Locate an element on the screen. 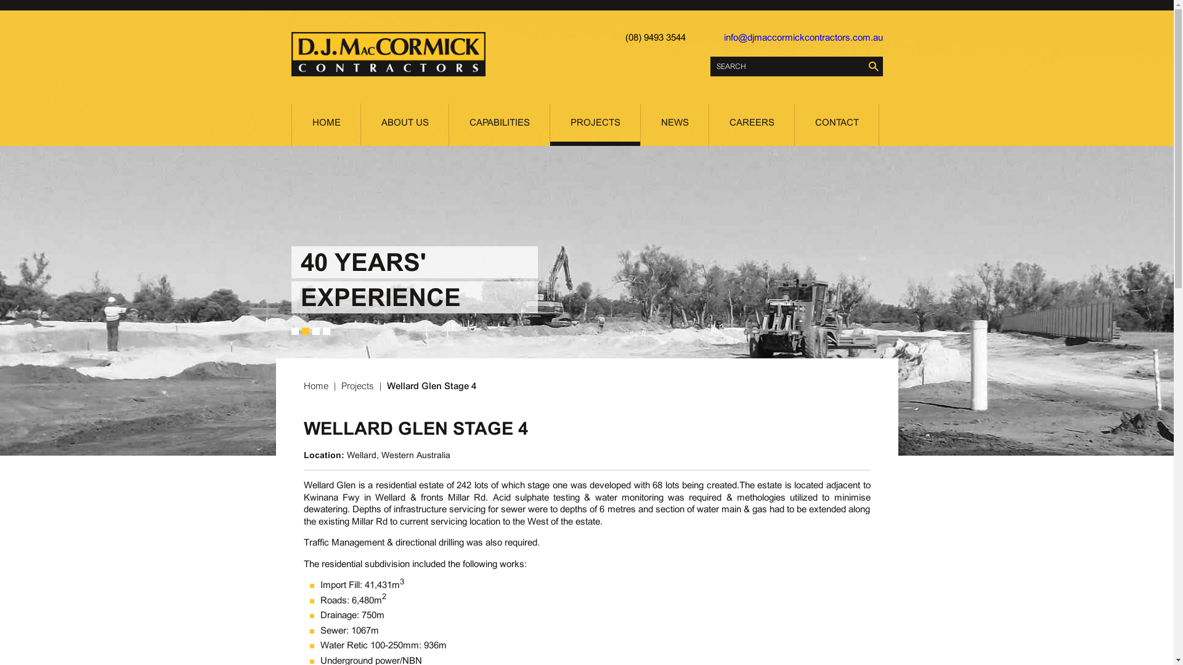  'NEWS' is located at coordinates (641, 124).